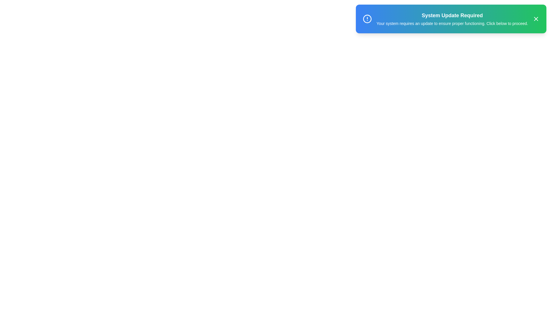  I want to click on the close button of the snackbar to close it, so click(536, 18).